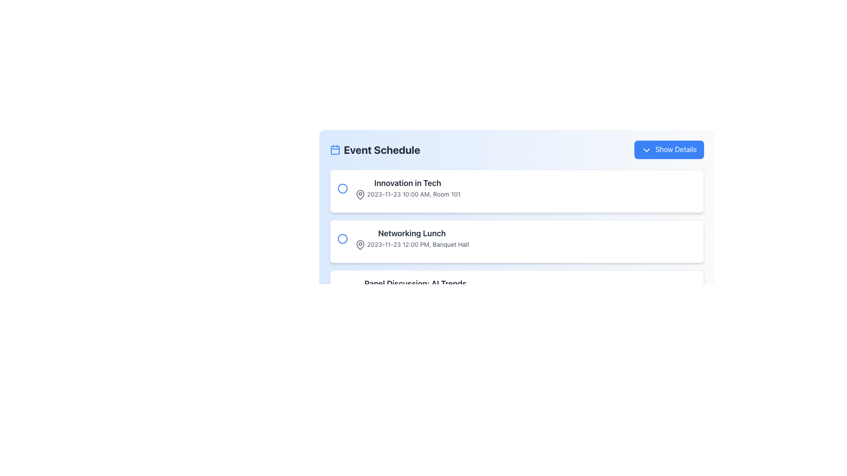  I want to click on the second event item in the Event Schedule section to highlight it, so click(411, 238).